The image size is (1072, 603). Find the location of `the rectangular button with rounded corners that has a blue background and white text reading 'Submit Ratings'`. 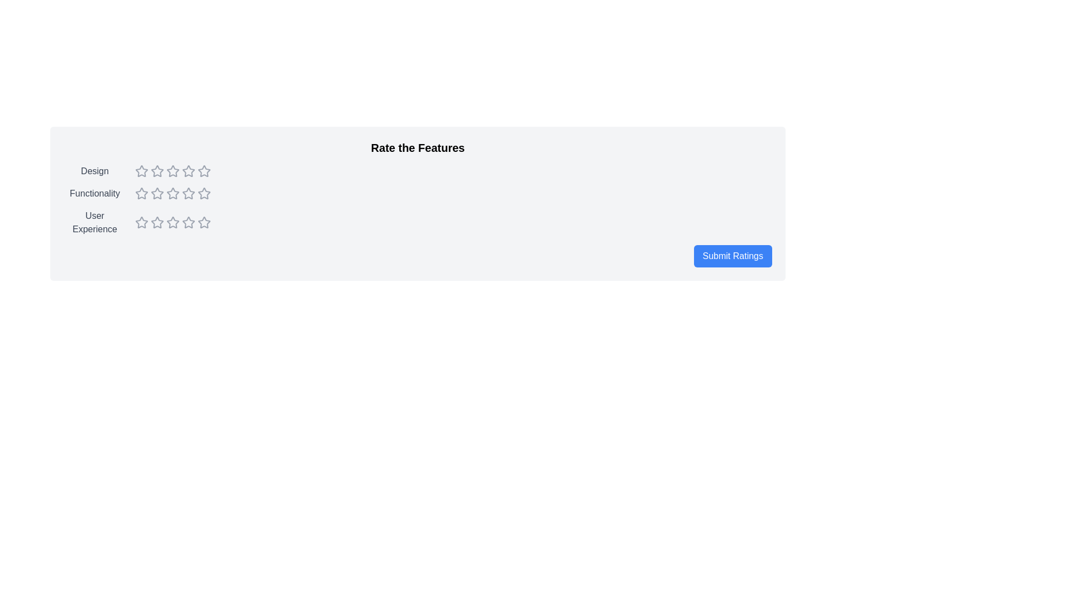

the rectangular button with rounded corners that has a blue background and white text reading 'Submit Ratings' is located at coordinates (733, 256).